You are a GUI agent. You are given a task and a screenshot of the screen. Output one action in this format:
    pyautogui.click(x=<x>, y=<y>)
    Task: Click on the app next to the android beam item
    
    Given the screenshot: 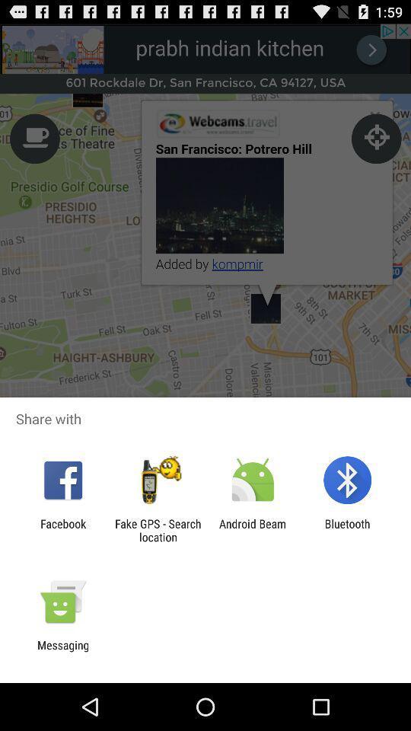 What is the action you would take?
    pyautogui.click(x=347, y=530)
    